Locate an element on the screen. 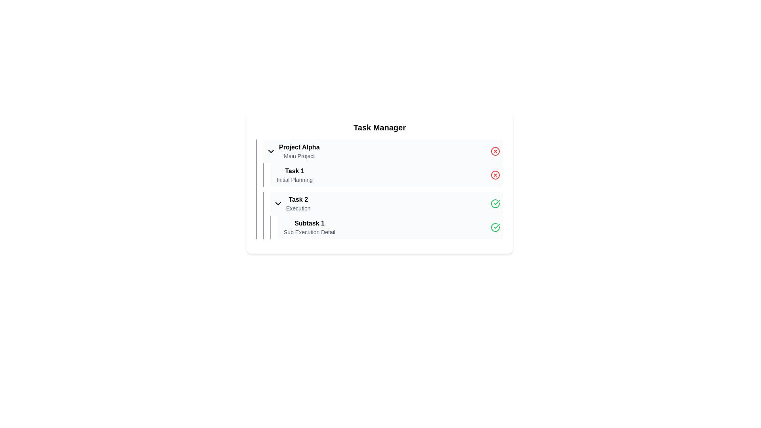 The image size is (761, 428). the text block displaying 'Project Alpha' and 'Main Project' in the 'Task Manager' section, which is the first item in the task list is located at coordinates (299, 151).